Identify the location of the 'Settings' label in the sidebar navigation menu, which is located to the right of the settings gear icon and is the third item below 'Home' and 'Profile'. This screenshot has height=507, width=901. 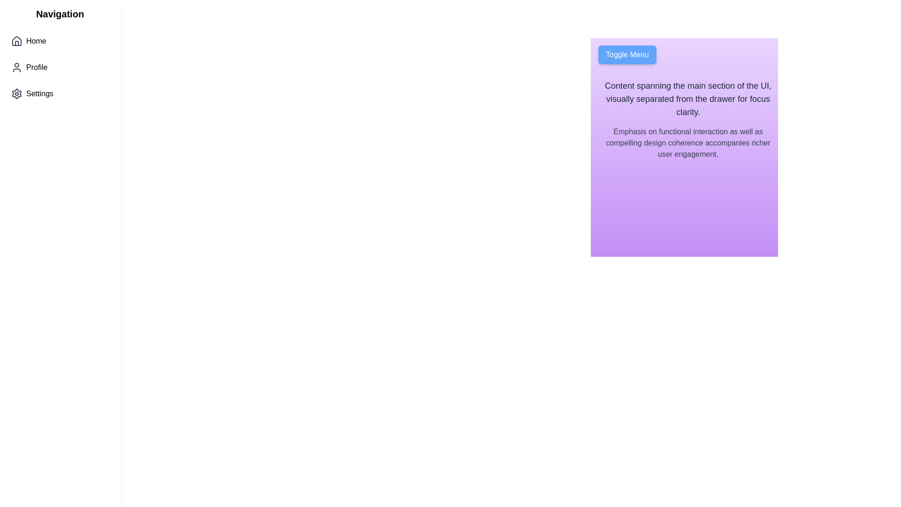
(39, 94).